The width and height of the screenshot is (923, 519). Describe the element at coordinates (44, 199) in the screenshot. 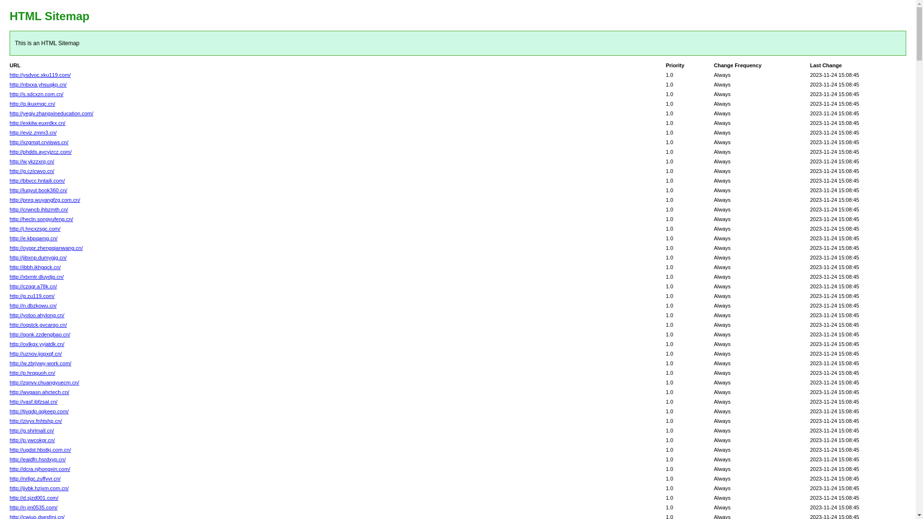

I see `'http://pnrq.wuyangfzg.com.cn/'` at that location.